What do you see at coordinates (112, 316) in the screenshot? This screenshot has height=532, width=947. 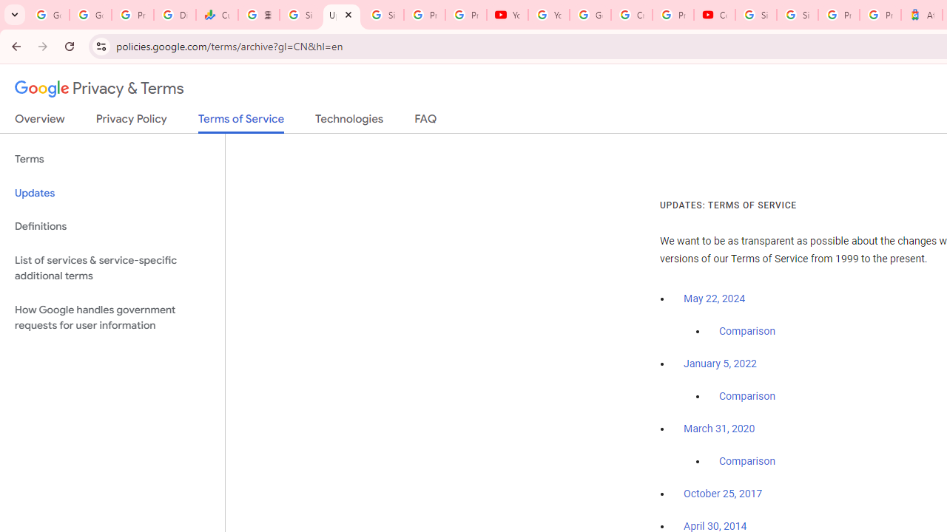 I see `'How Google handles government requests for user information'` at bounding box center [112, 316].